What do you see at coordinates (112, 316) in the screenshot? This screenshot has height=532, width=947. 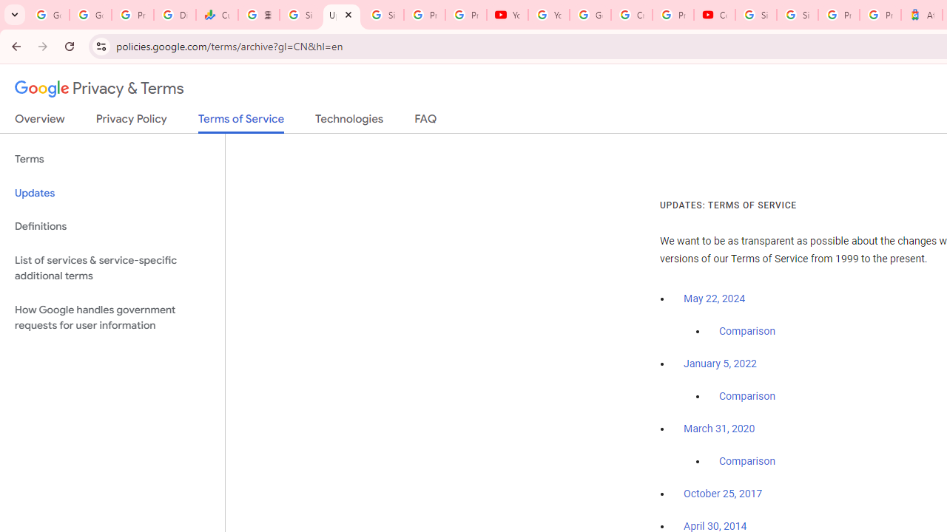 I see `'How Google handles government requests for user information'` at bounding box center [112, 316].